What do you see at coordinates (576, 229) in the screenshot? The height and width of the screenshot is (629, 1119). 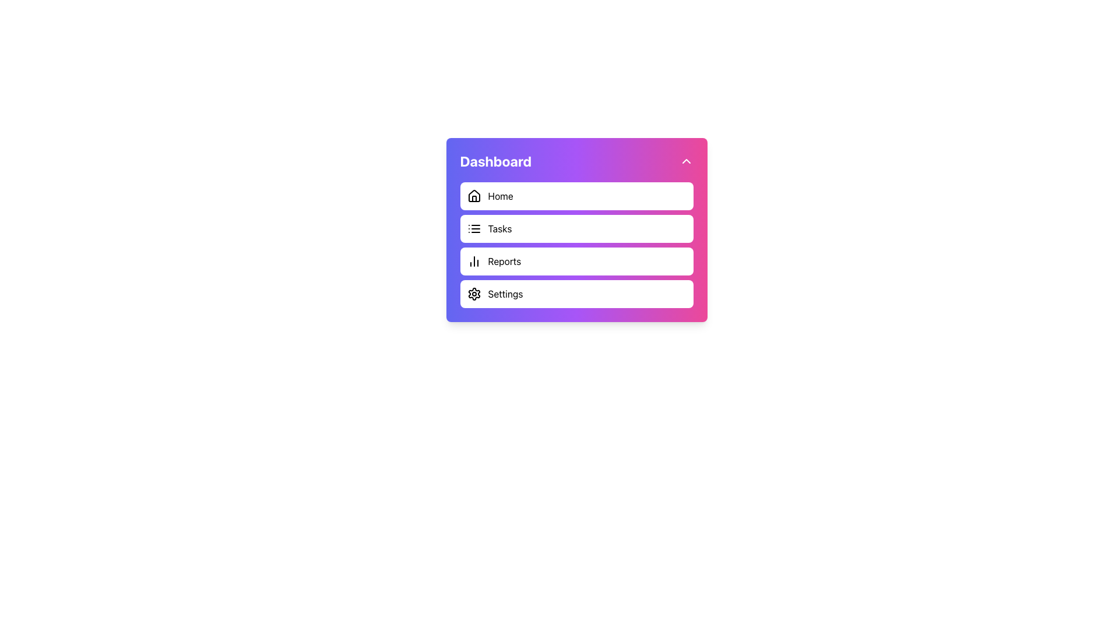 I see `the 'Tasks' button, which is a rectangular button with a white background and rounded corners, located in the 'Dashboard' section, positioned below the 'Home' button and above the 'Reports' button` at bounding box center [576, 229].